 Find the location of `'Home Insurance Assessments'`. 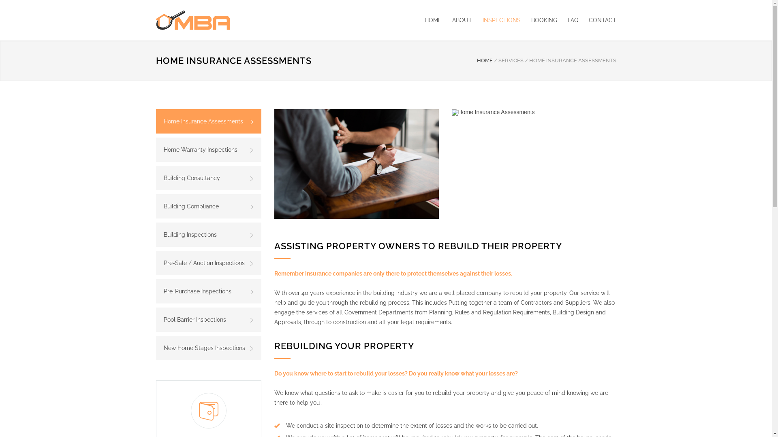

'Home Insurance Assessments' is located at coordinates (451, 112).